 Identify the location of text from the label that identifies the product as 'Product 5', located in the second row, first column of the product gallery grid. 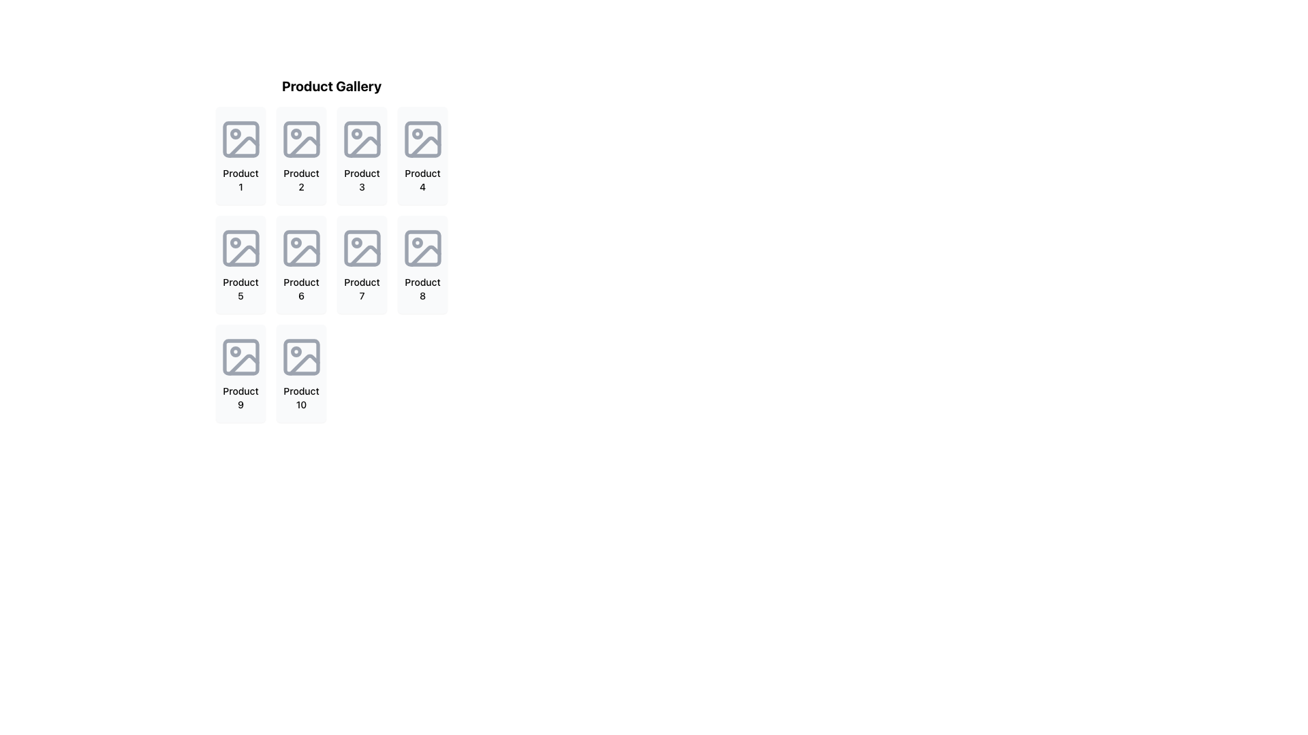
(240, 288).